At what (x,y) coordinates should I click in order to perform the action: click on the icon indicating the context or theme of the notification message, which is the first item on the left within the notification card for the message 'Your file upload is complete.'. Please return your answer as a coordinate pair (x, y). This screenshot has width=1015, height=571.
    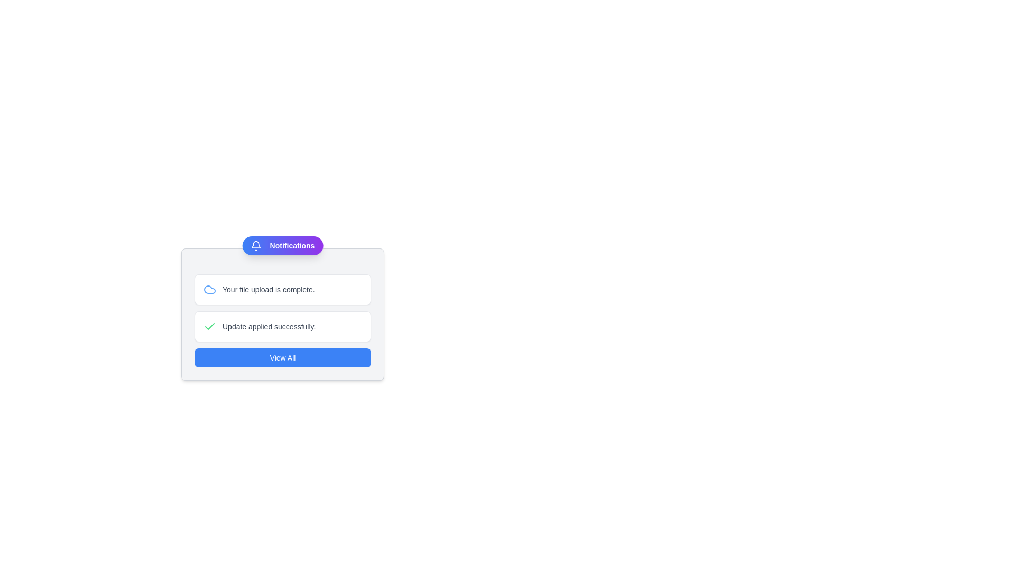
    Looking at the image, I should click on (210, 289).